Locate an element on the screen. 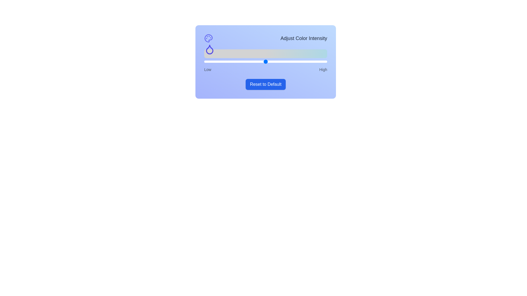 The width and height of the screenshot is (527, 296). the slider to set the color intensity to 52 is located at coordinates (268, 61).